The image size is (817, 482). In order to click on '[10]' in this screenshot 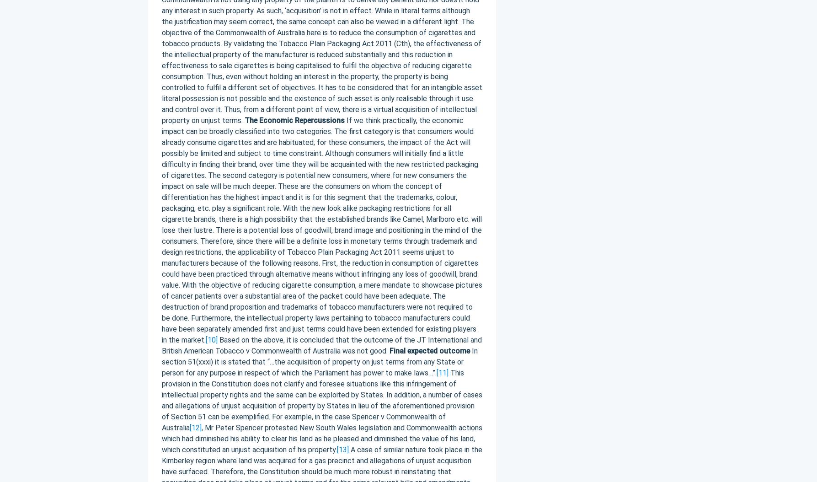, I will do `click(211, 339)`.